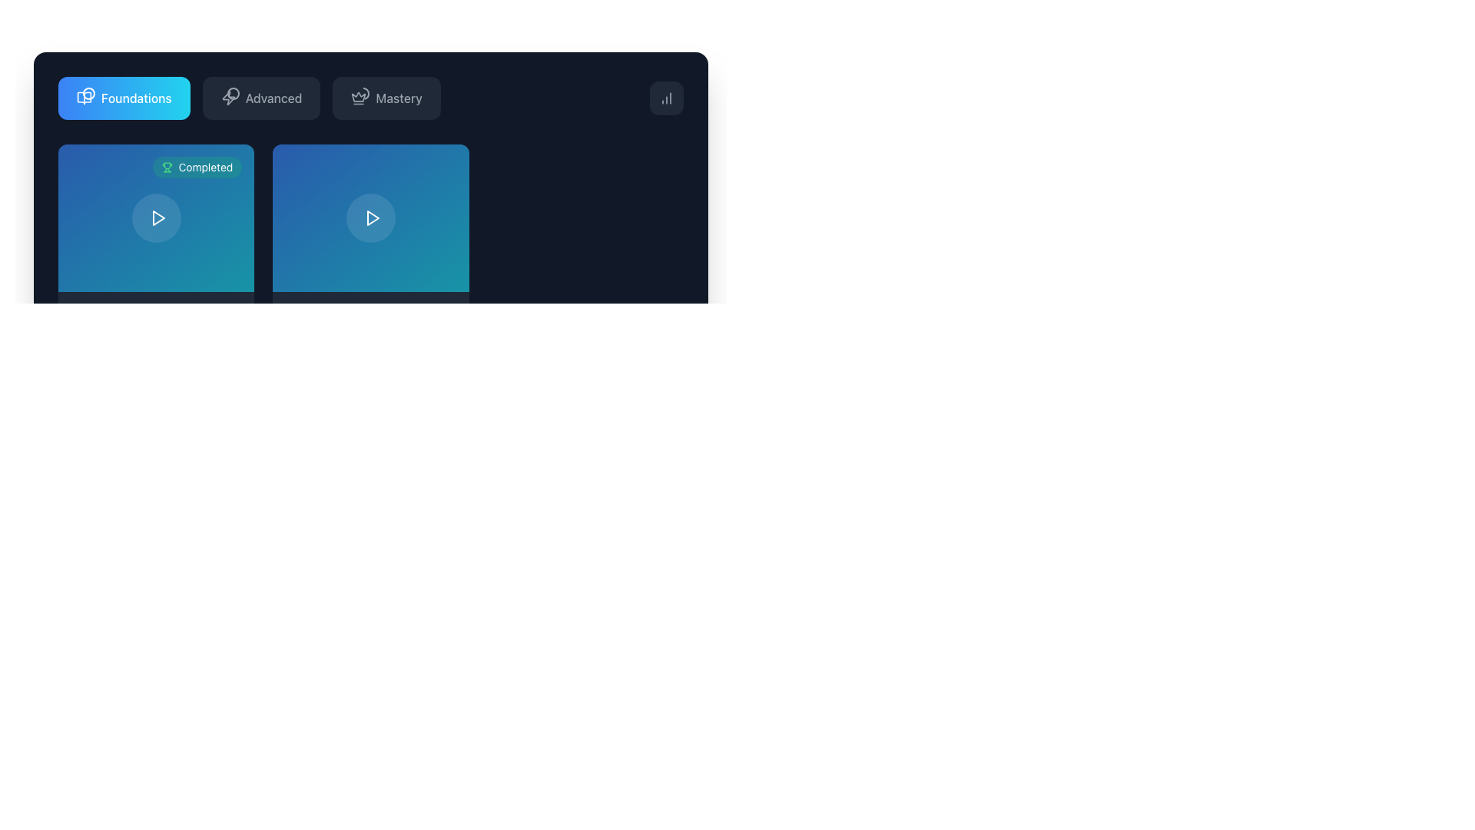  What do you see at coordinates (386, 98) in the screenshot?
I see `the 'Mastery' button, which is a rectangular button with a dark gray background and rounded edges, containing a crown icon and the text 'Mastery' in lighter gray` at bounding box center [386, 98].